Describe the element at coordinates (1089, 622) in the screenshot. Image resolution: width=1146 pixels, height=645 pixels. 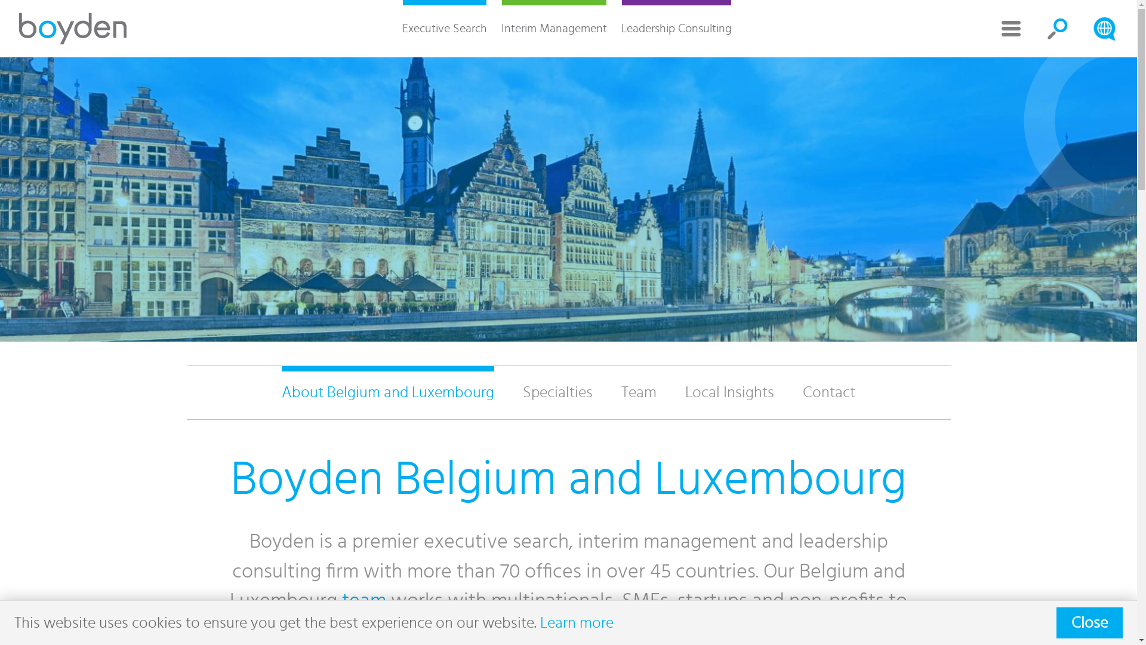
I see `'Close'` at that location.